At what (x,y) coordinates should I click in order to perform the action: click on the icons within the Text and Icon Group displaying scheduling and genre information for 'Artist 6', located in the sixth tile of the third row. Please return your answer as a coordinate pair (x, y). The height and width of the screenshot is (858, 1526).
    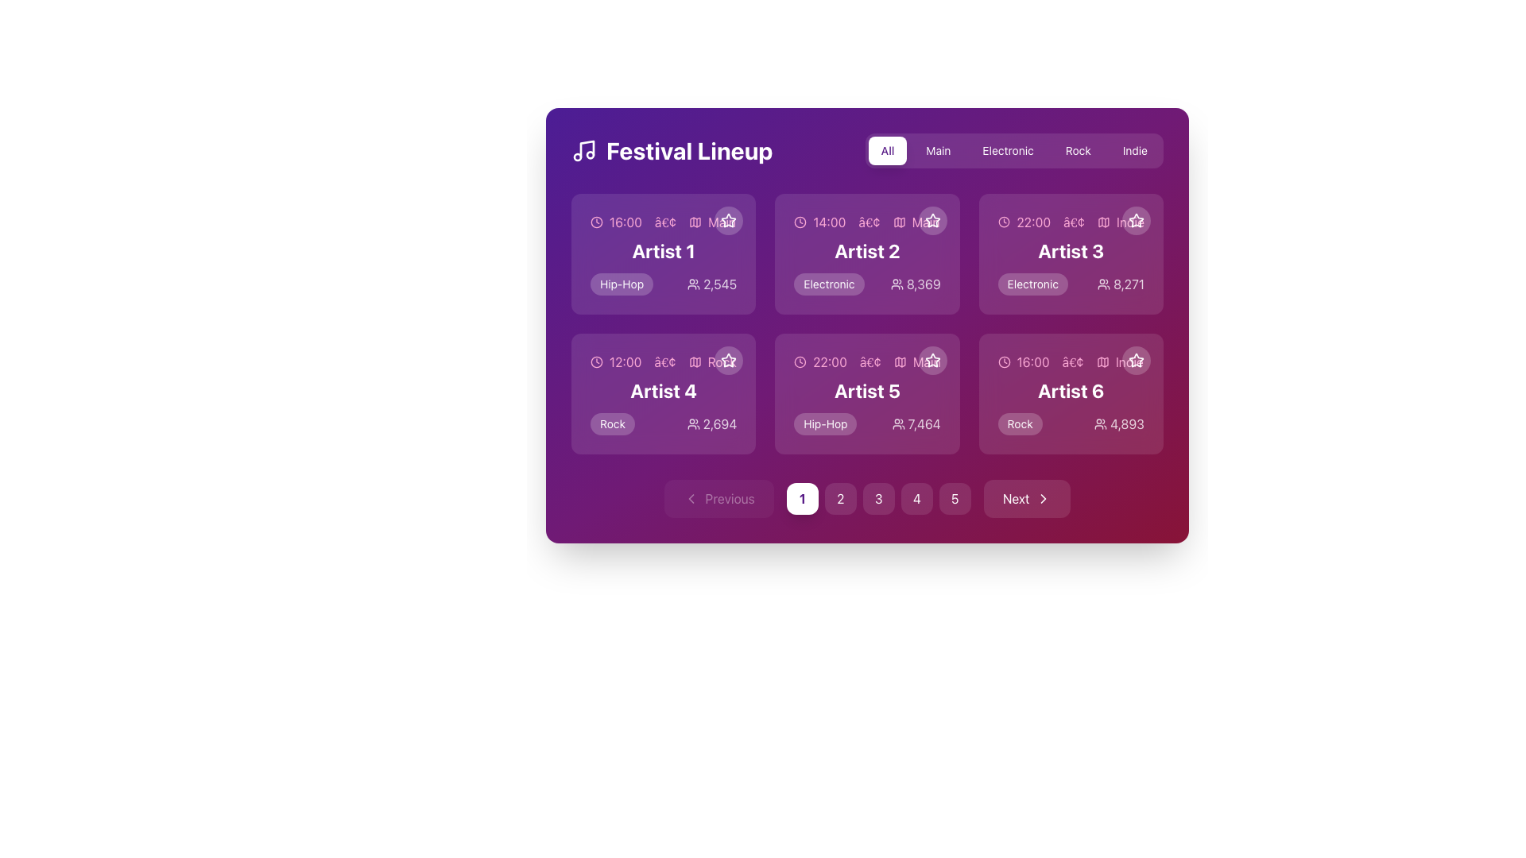
    Looking at the image, I should click on (1071, 361).